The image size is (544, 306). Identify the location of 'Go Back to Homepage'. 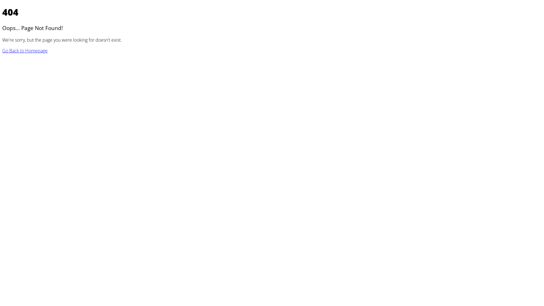
(2, 50).